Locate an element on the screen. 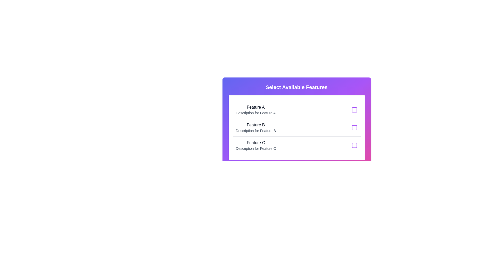 The width and height of the screenshot is (495, 278). the Icon button related to 'Feature A' is located at coordinates (354, 110).